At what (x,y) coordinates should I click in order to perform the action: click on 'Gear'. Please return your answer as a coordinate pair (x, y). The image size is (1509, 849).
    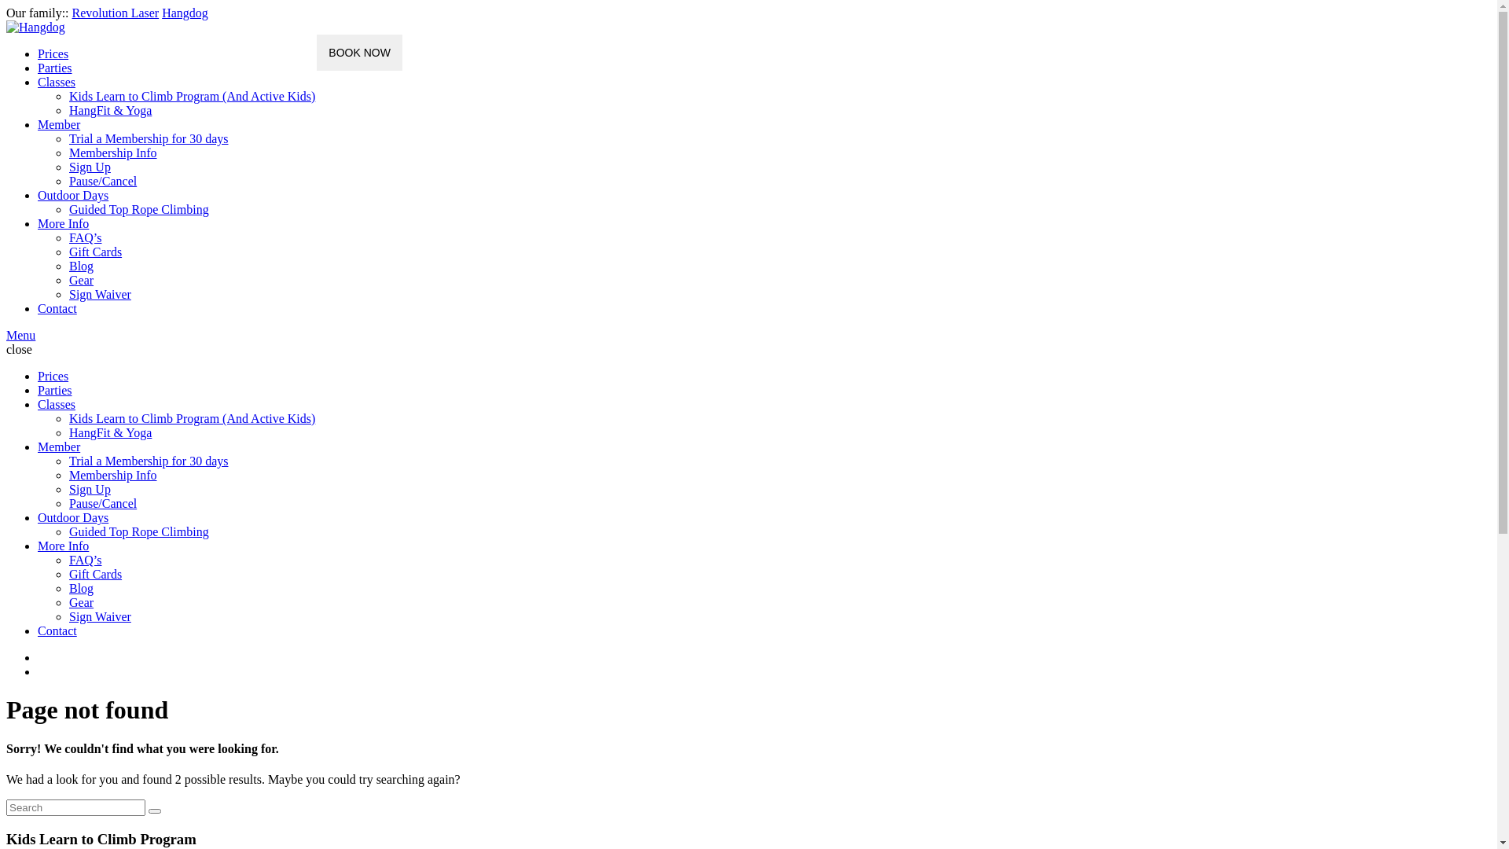
    Looking at the image, I should click on (80, 601).